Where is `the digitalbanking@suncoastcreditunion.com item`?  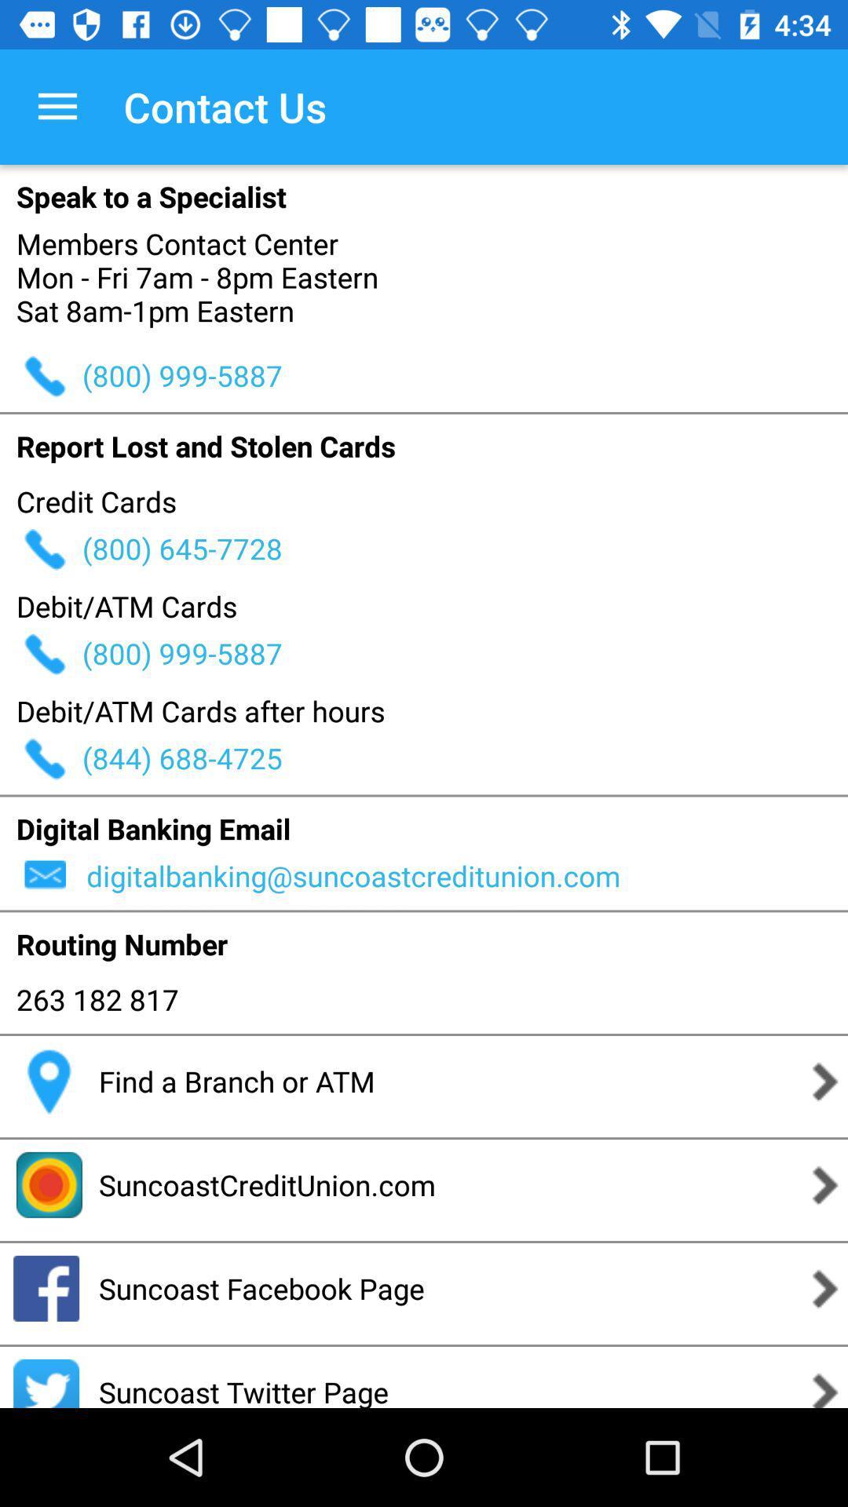
the digitalbanking@suncoastcreditunion.com item is located at coordinates (464, 875).